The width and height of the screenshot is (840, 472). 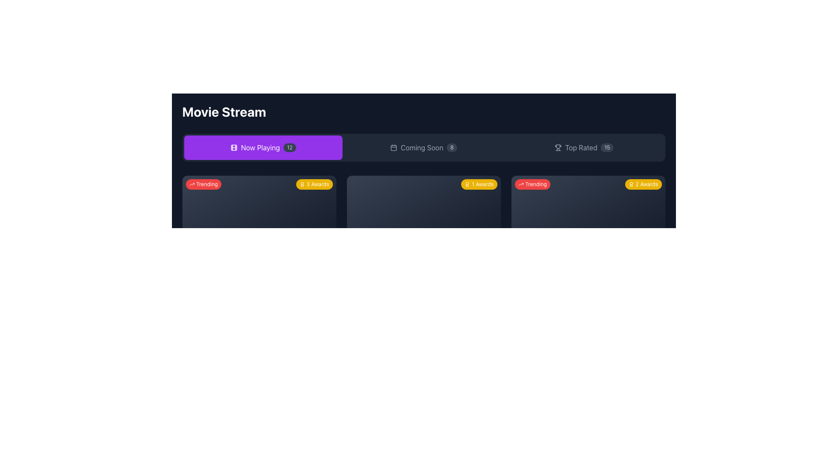 What do you see at coordinates (606, 147) in the screenshot?
I see `the badge that indicates the count related to the 'Top Rated' label, positioned to the far right of the 'Top Rated' button` at bounding box center [606, 147].